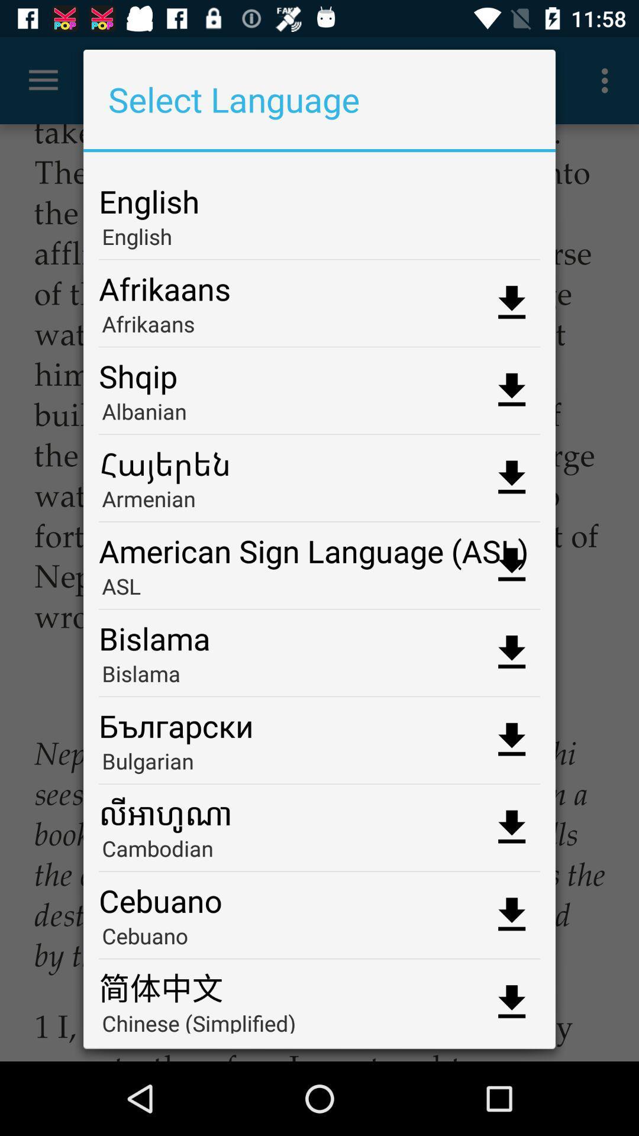 The height and width of the screenshot is (1136, 639). What do you see at coordinates (319, 546) in the screenshot?
I see `american sign language app` at bounding box center [319, 546].